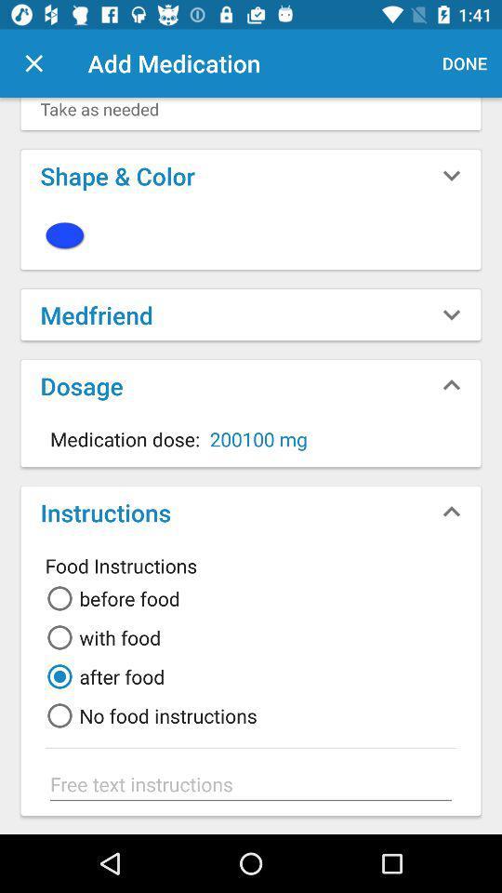 The height and width of the screenshot is (893, 502). Describe the element at coordinates (33, 63) in the screenshot. I see `leave screen` at that location.